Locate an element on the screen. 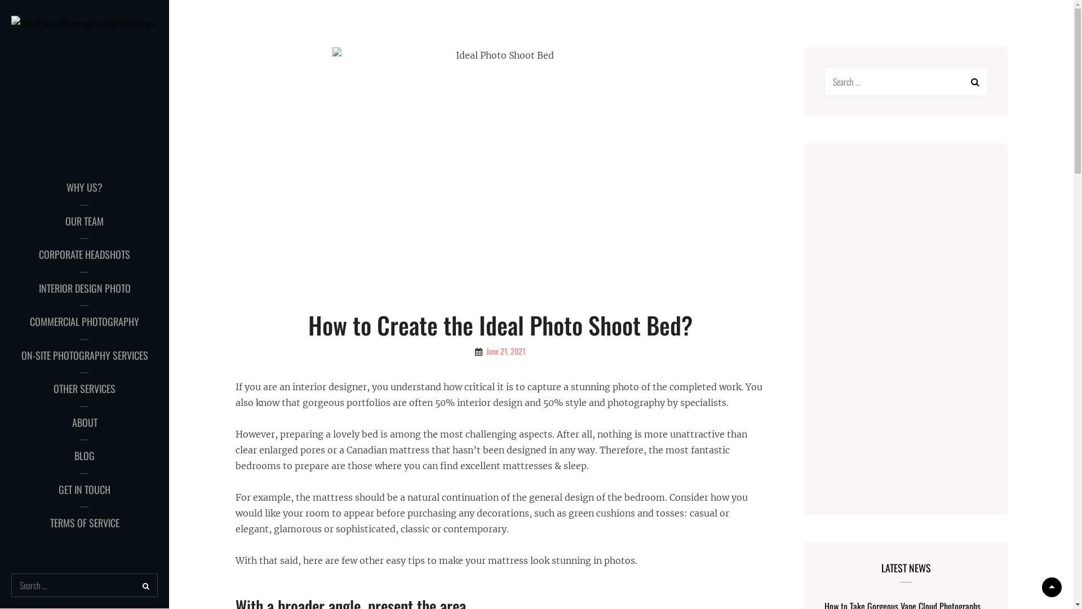 This screenshot has height=609, width=1082. 'OUR TEAM' is located at coordinates (83, 222).